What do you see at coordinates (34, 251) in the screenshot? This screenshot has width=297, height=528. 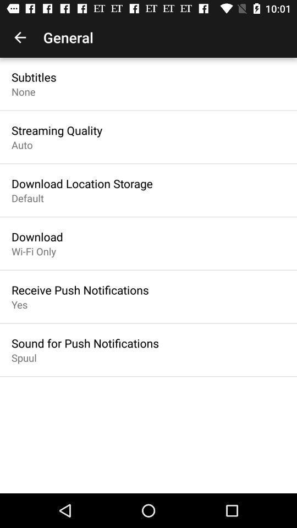 I see `the wi-fi only item` at bounding box center [34, 251].